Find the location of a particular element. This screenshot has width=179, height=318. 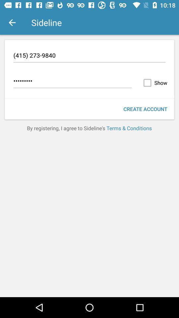

show icon is located at coordinates (154, 82).